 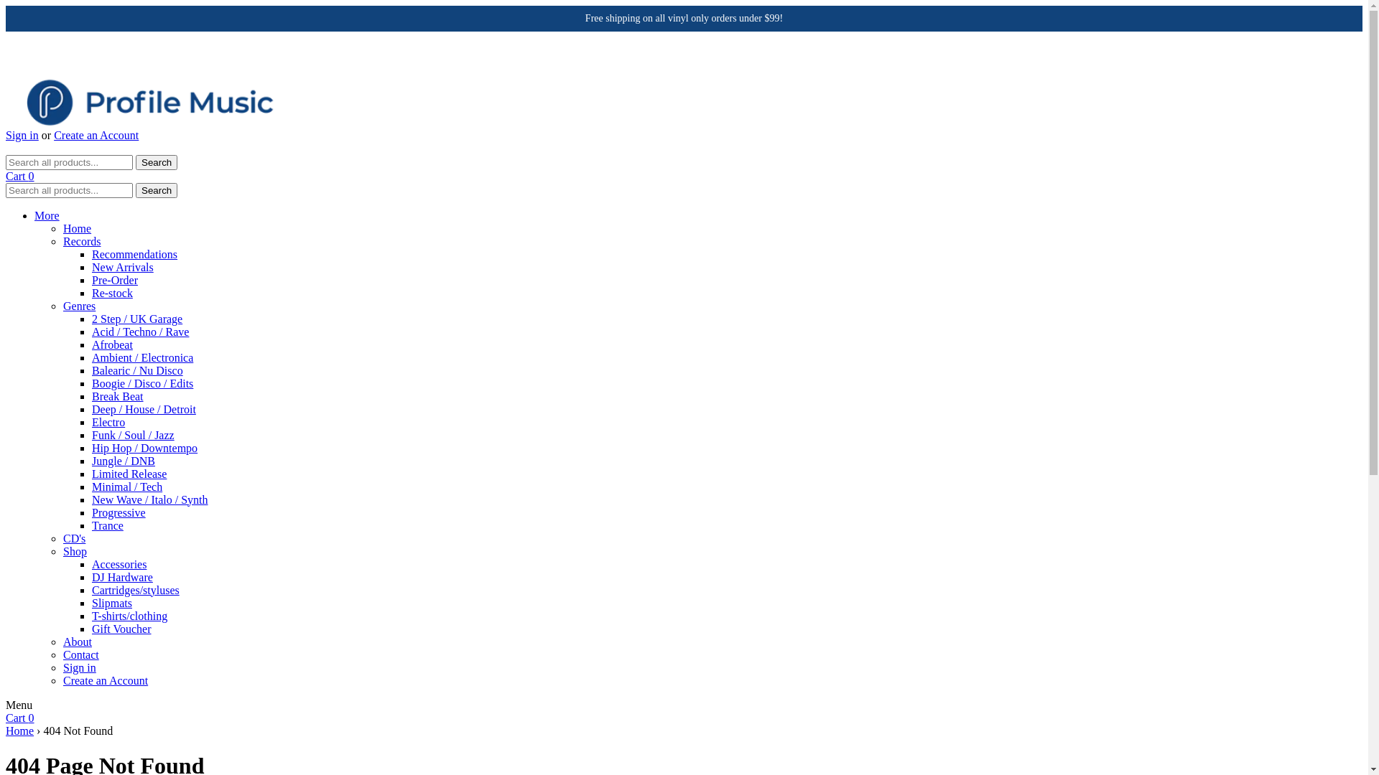 I want to click on 'Cartridges/styluses', so click(x=135, y=590).